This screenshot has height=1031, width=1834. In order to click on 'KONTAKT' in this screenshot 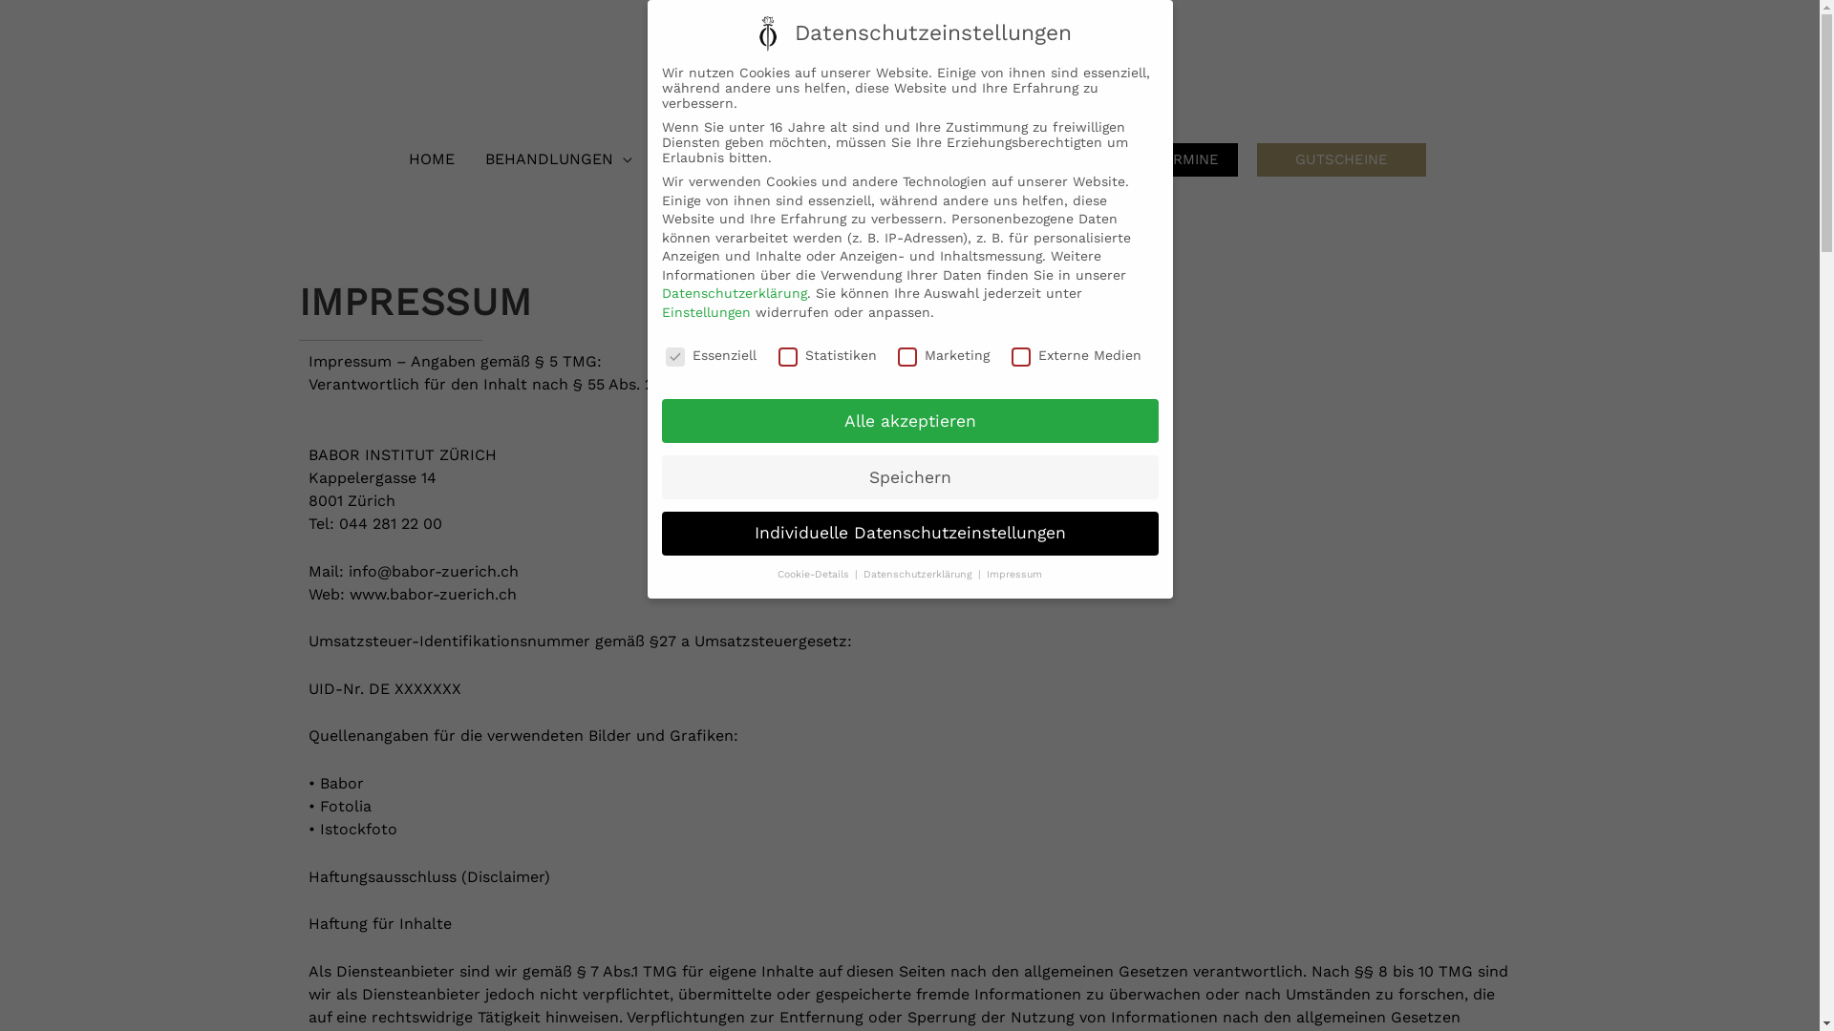, I will do `click(992, 158)`.